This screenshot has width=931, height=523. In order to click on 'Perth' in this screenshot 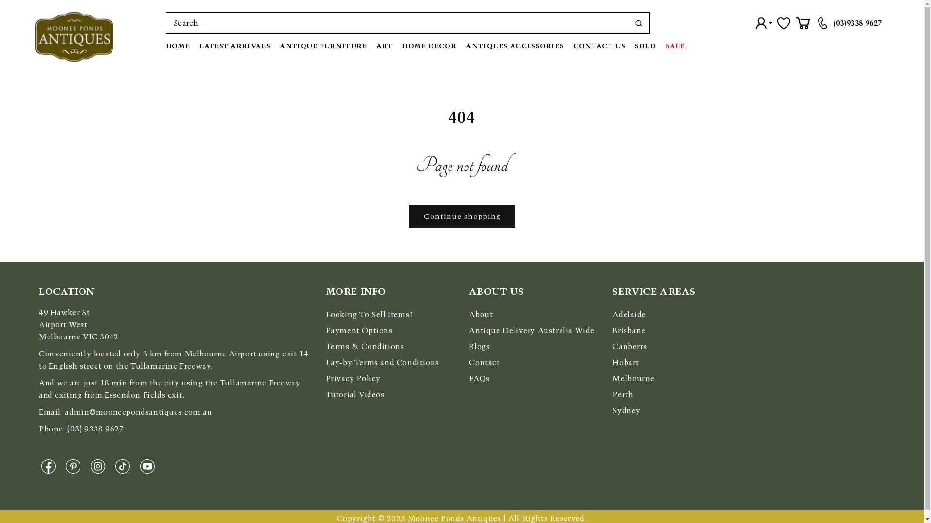, I will do `click(623, 394)`.